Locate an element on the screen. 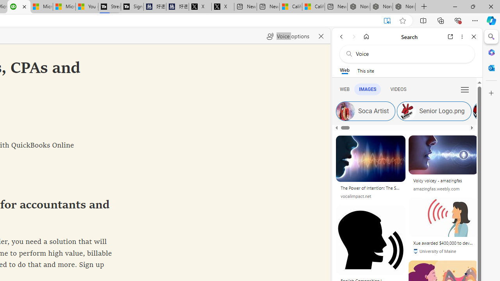 The height and width of the screenshot is (281, 500). 'Microsoft Start Sports' is located at coordinates (41, 7).